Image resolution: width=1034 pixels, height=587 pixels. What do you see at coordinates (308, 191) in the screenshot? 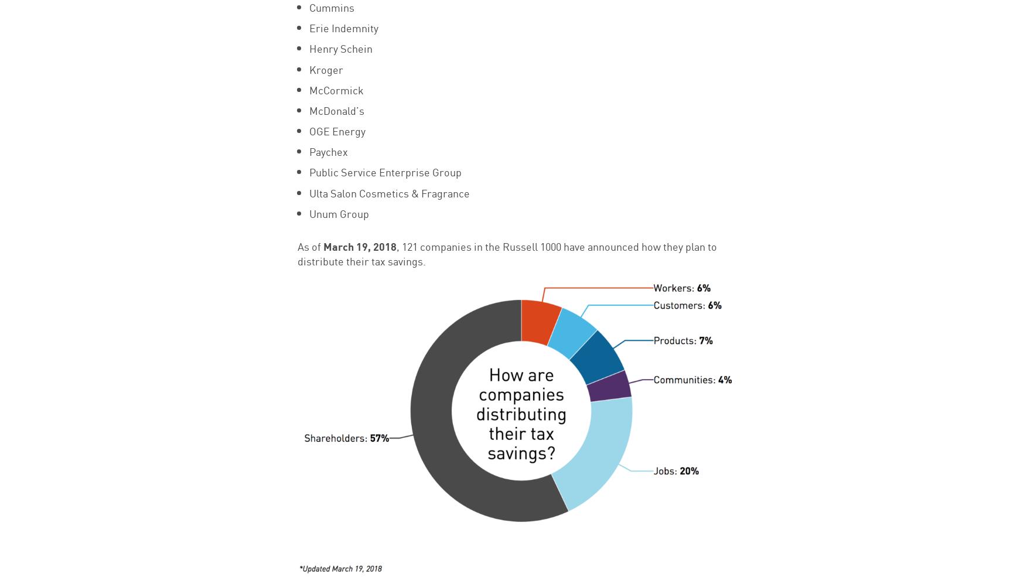
I see `'Ulta Salon Cosmetics & Fragrance'` at bounding box center [308, 191].